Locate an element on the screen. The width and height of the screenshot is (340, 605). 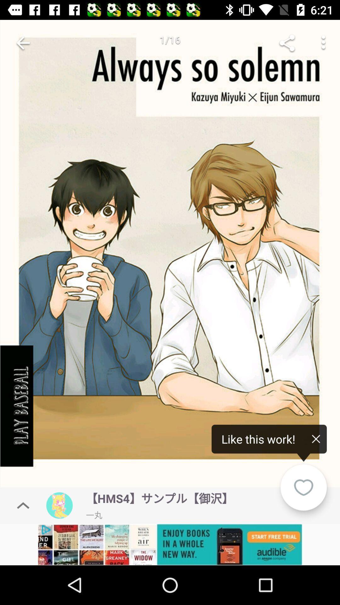
the expand_less icon is located at coordinates (23, 505).